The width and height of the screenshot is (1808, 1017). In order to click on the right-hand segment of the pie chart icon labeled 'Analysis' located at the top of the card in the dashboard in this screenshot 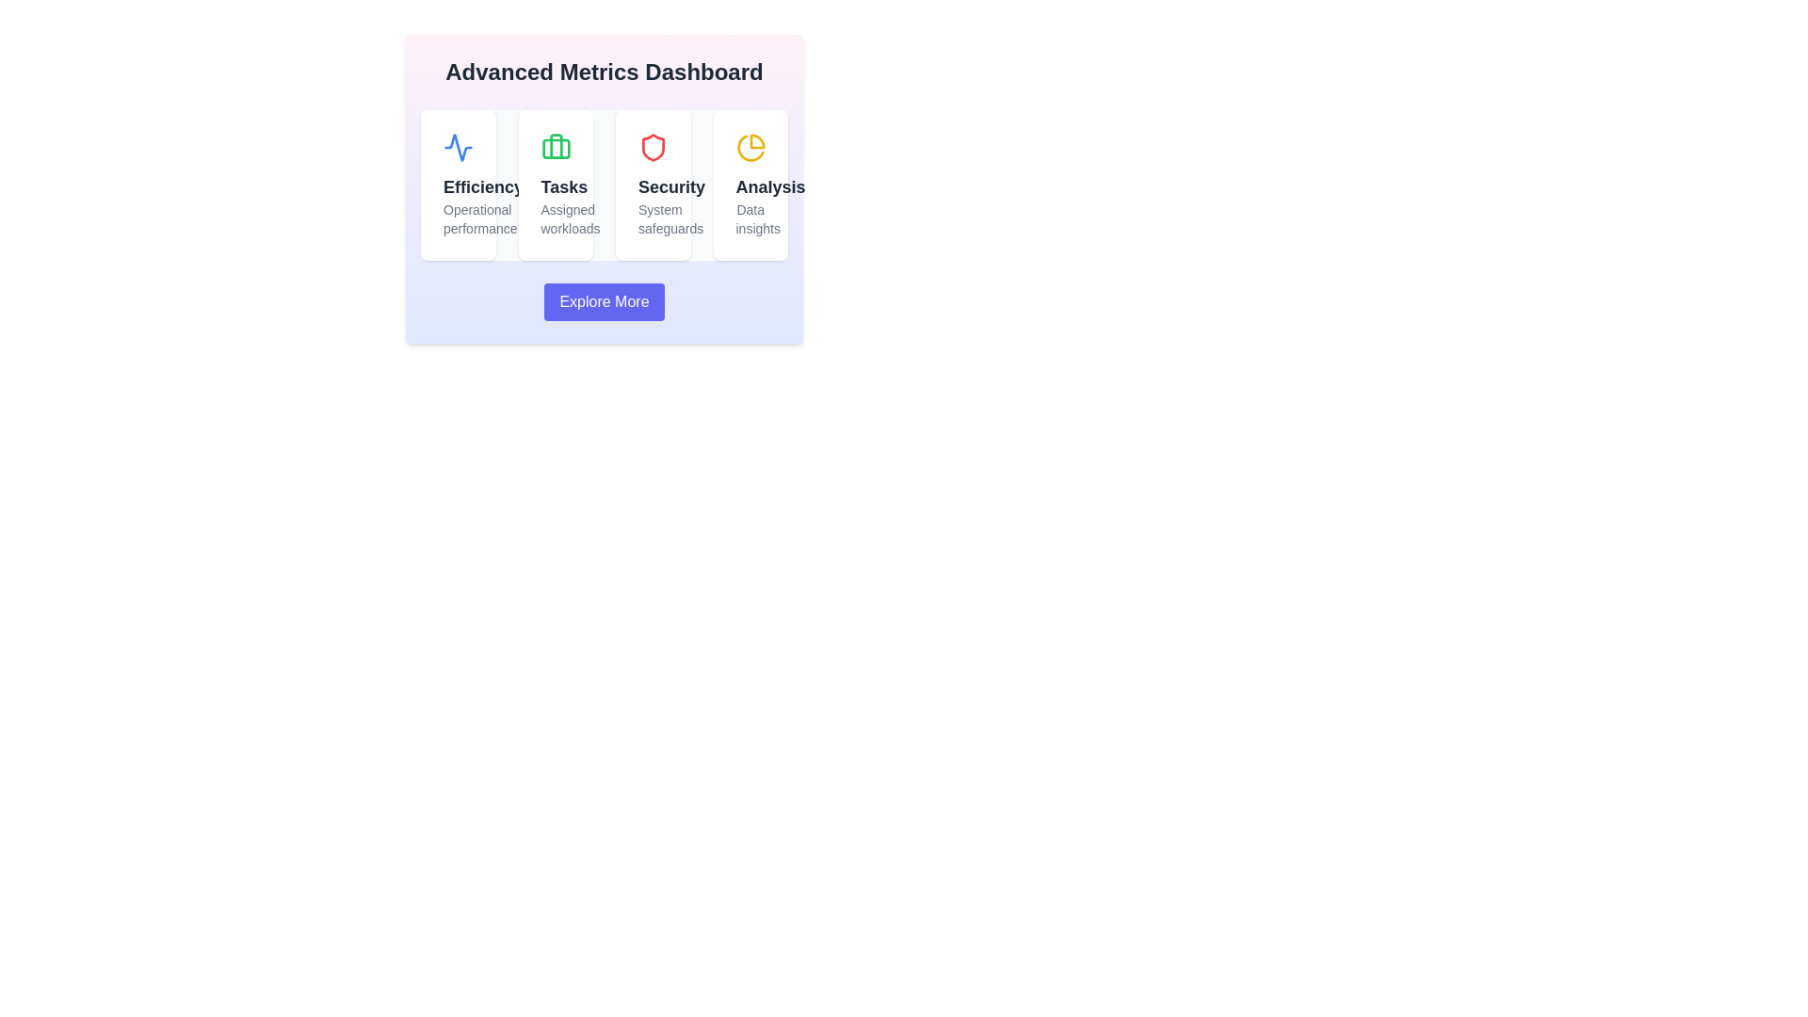, I will do `click(749, 147)`.